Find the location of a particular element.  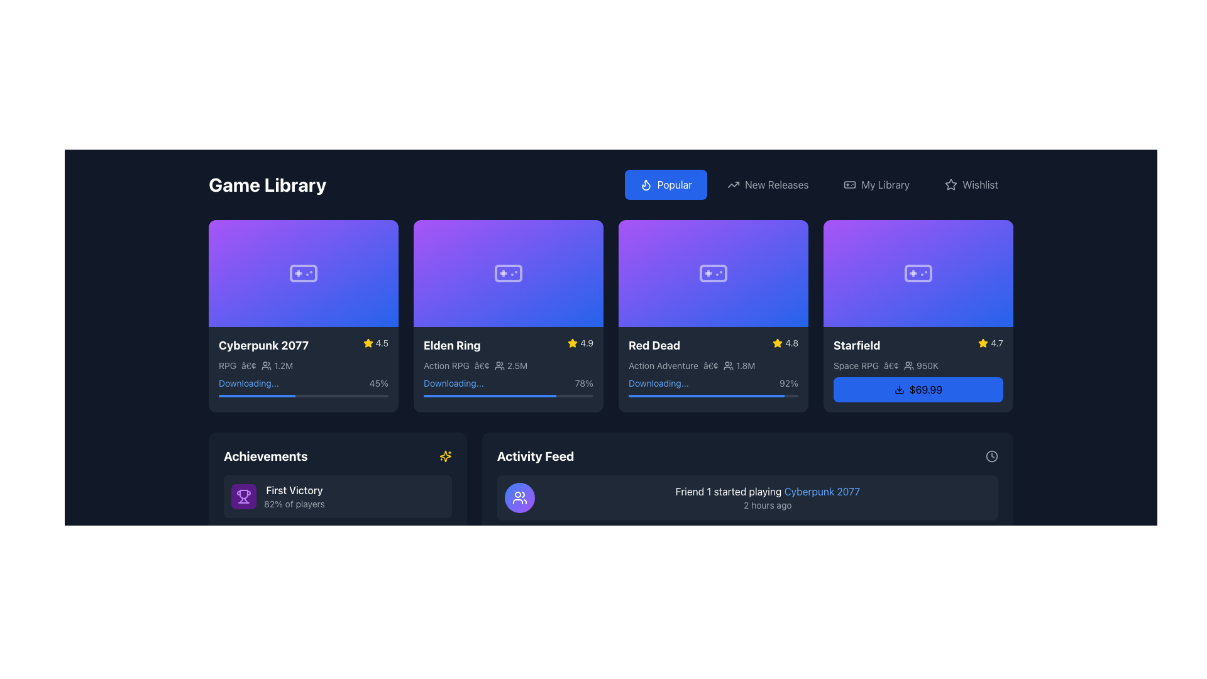

the gamepad icon in the upper portion of the 'Cyberpunk 2077' game card is located at coordinates (304, 272).